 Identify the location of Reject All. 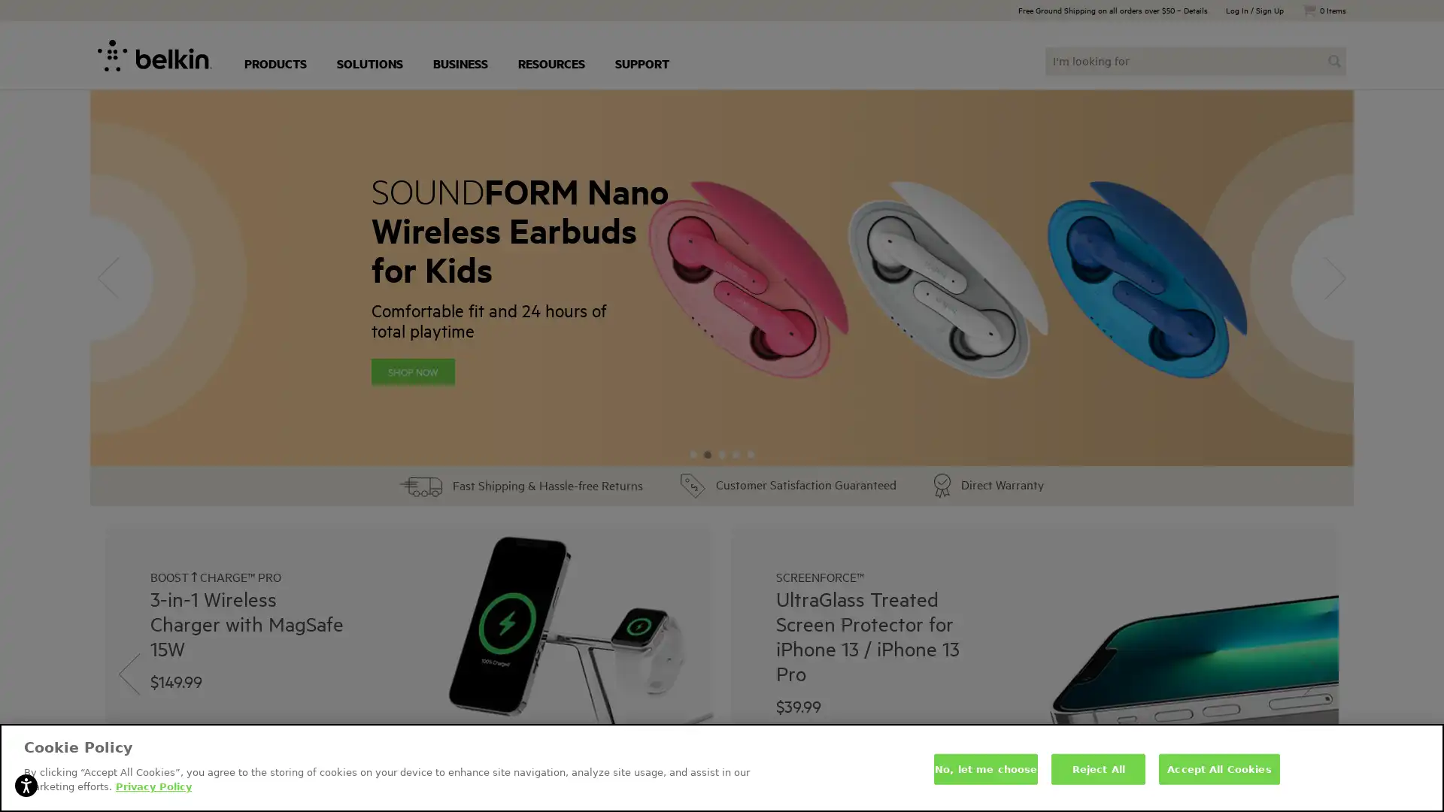
(1098, 768).